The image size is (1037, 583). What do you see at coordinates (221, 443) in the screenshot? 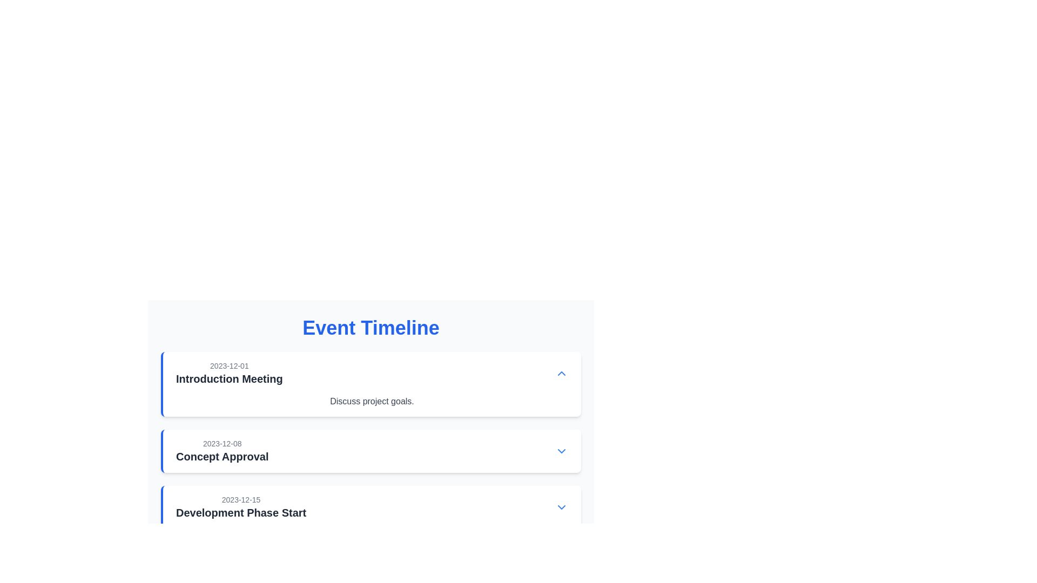
I see `the text label displaying the date of the 'Concept Approval' event, which is located at the top of the 'Concept Approval' section in the timeline` at bounding box center [221, 443].